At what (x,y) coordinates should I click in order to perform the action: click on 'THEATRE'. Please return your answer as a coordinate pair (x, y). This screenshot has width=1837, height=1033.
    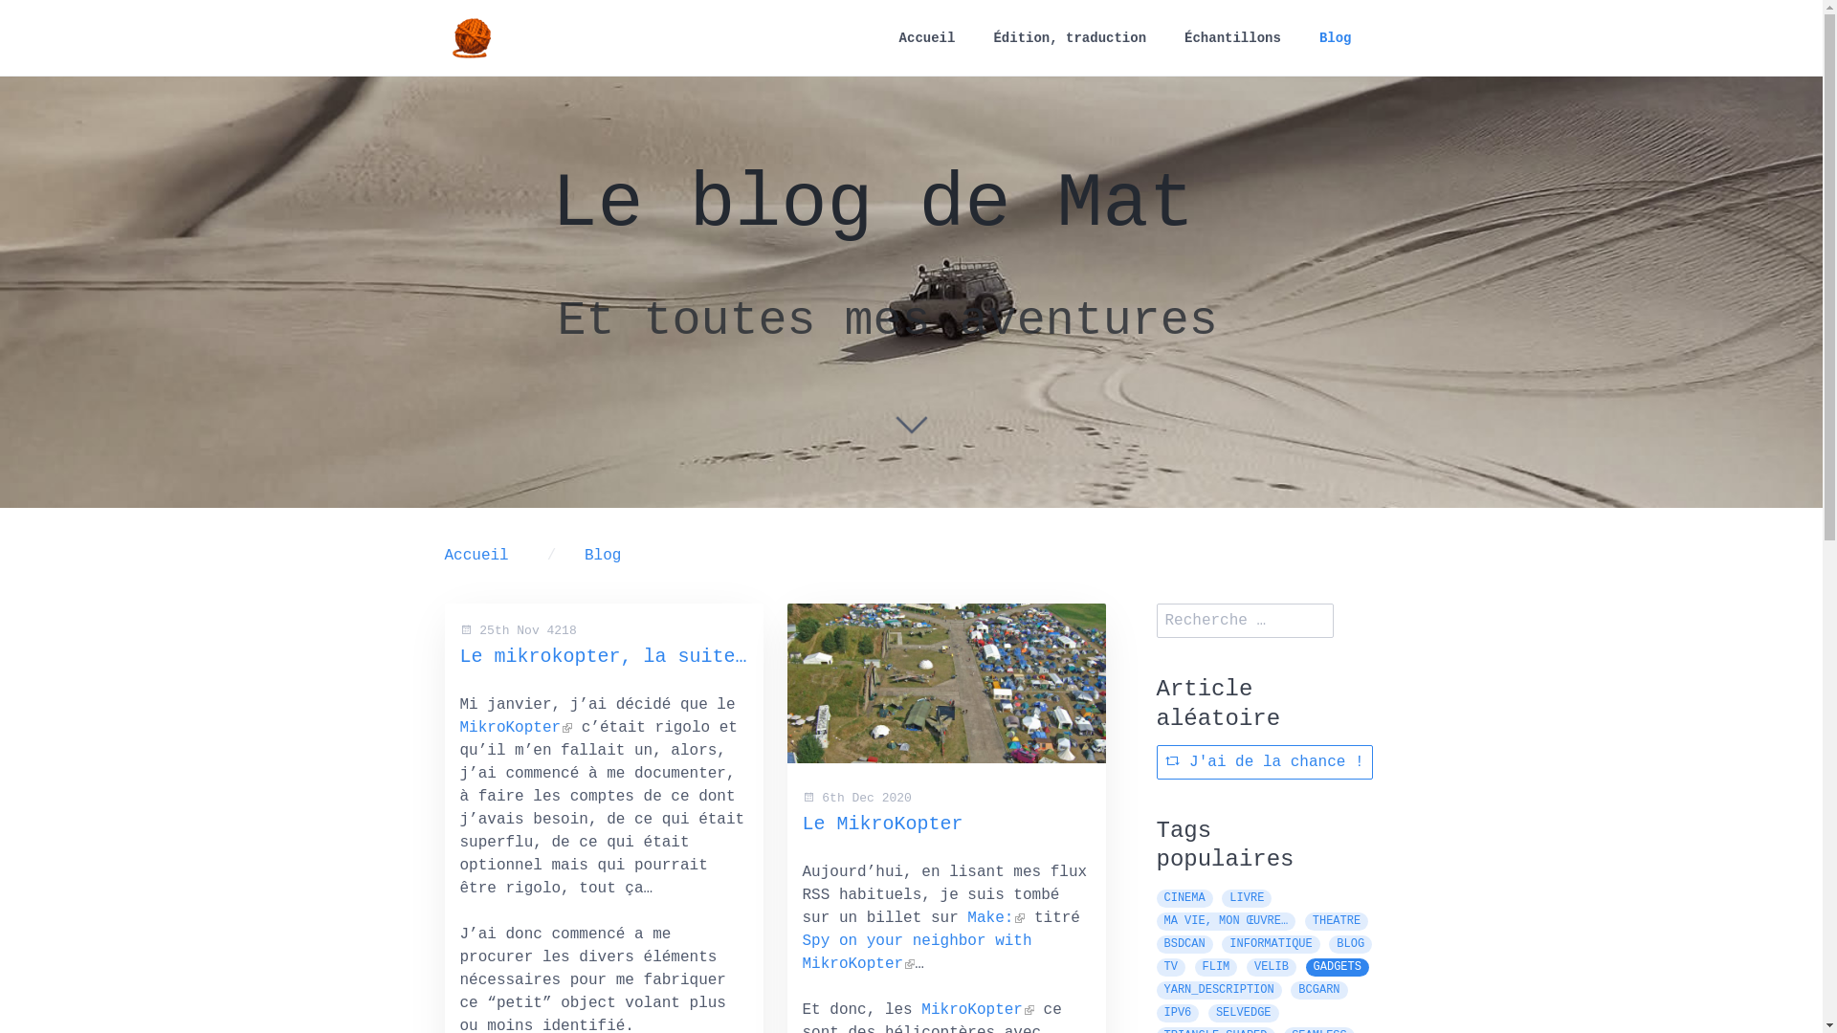
    Looking at the image, I should click on (1335, 920).